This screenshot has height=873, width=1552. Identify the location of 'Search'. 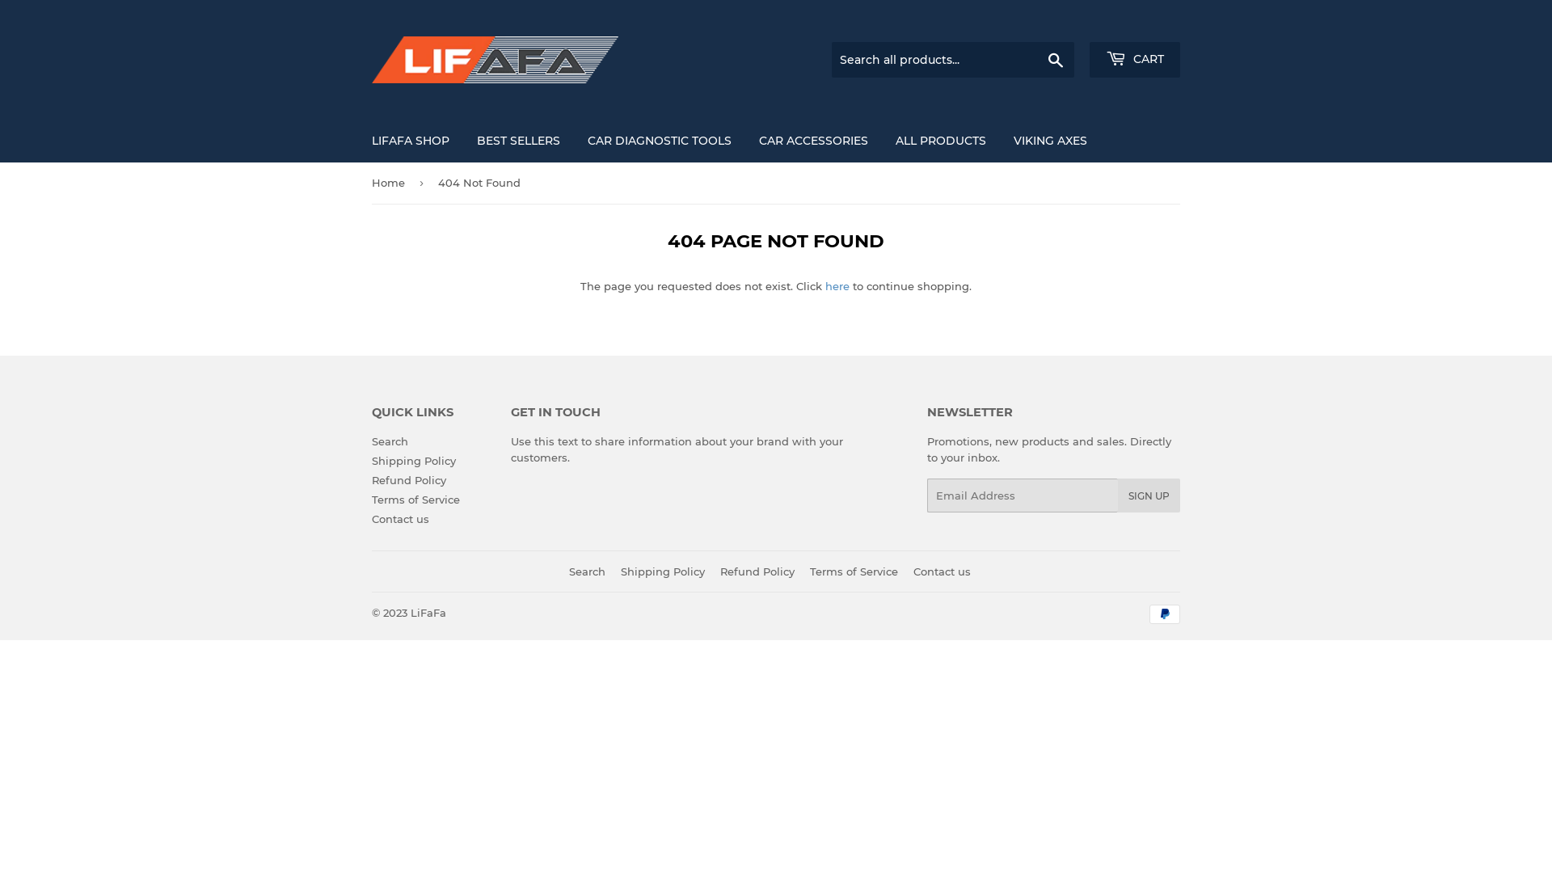
(1056, 59).